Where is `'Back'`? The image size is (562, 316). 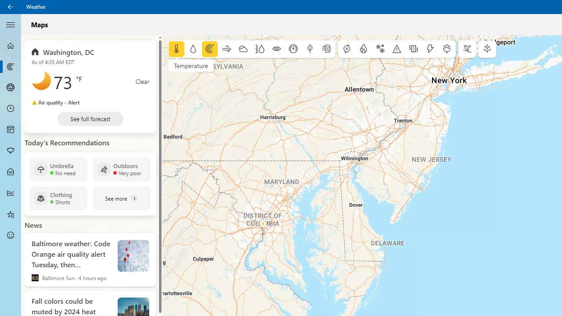 'Back' is located at coordinates (11, 7).